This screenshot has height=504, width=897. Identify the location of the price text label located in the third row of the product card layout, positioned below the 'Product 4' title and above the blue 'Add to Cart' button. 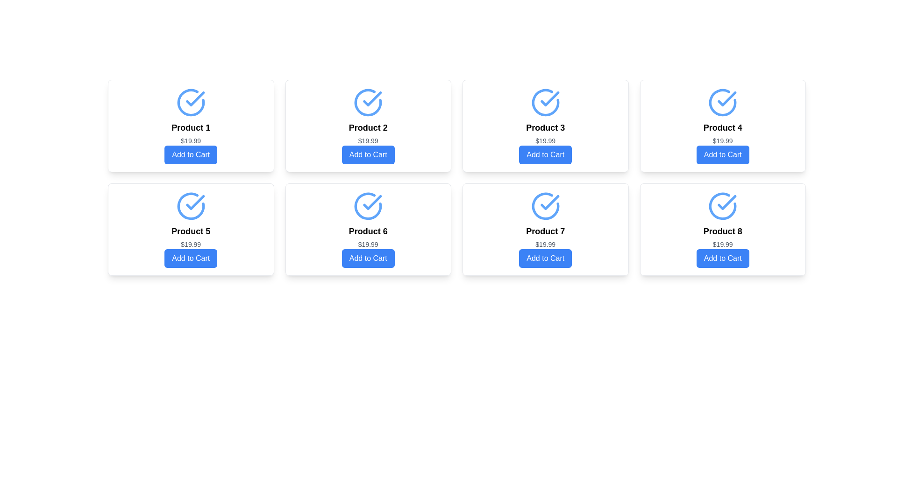
(722, 140).